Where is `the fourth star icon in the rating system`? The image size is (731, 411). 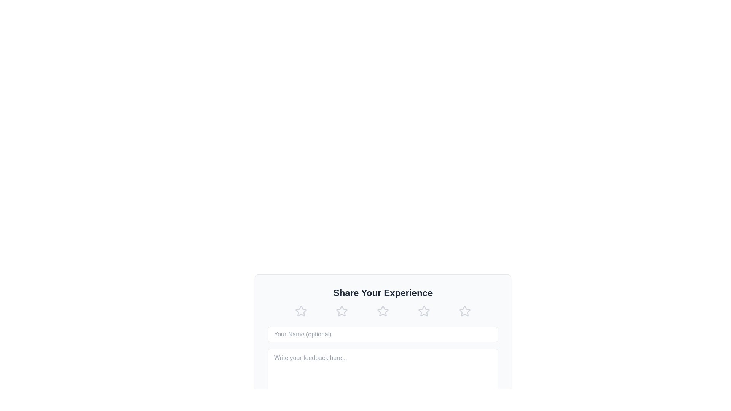
the fourth star icon in the rating system is located at coordinates (423, 311).